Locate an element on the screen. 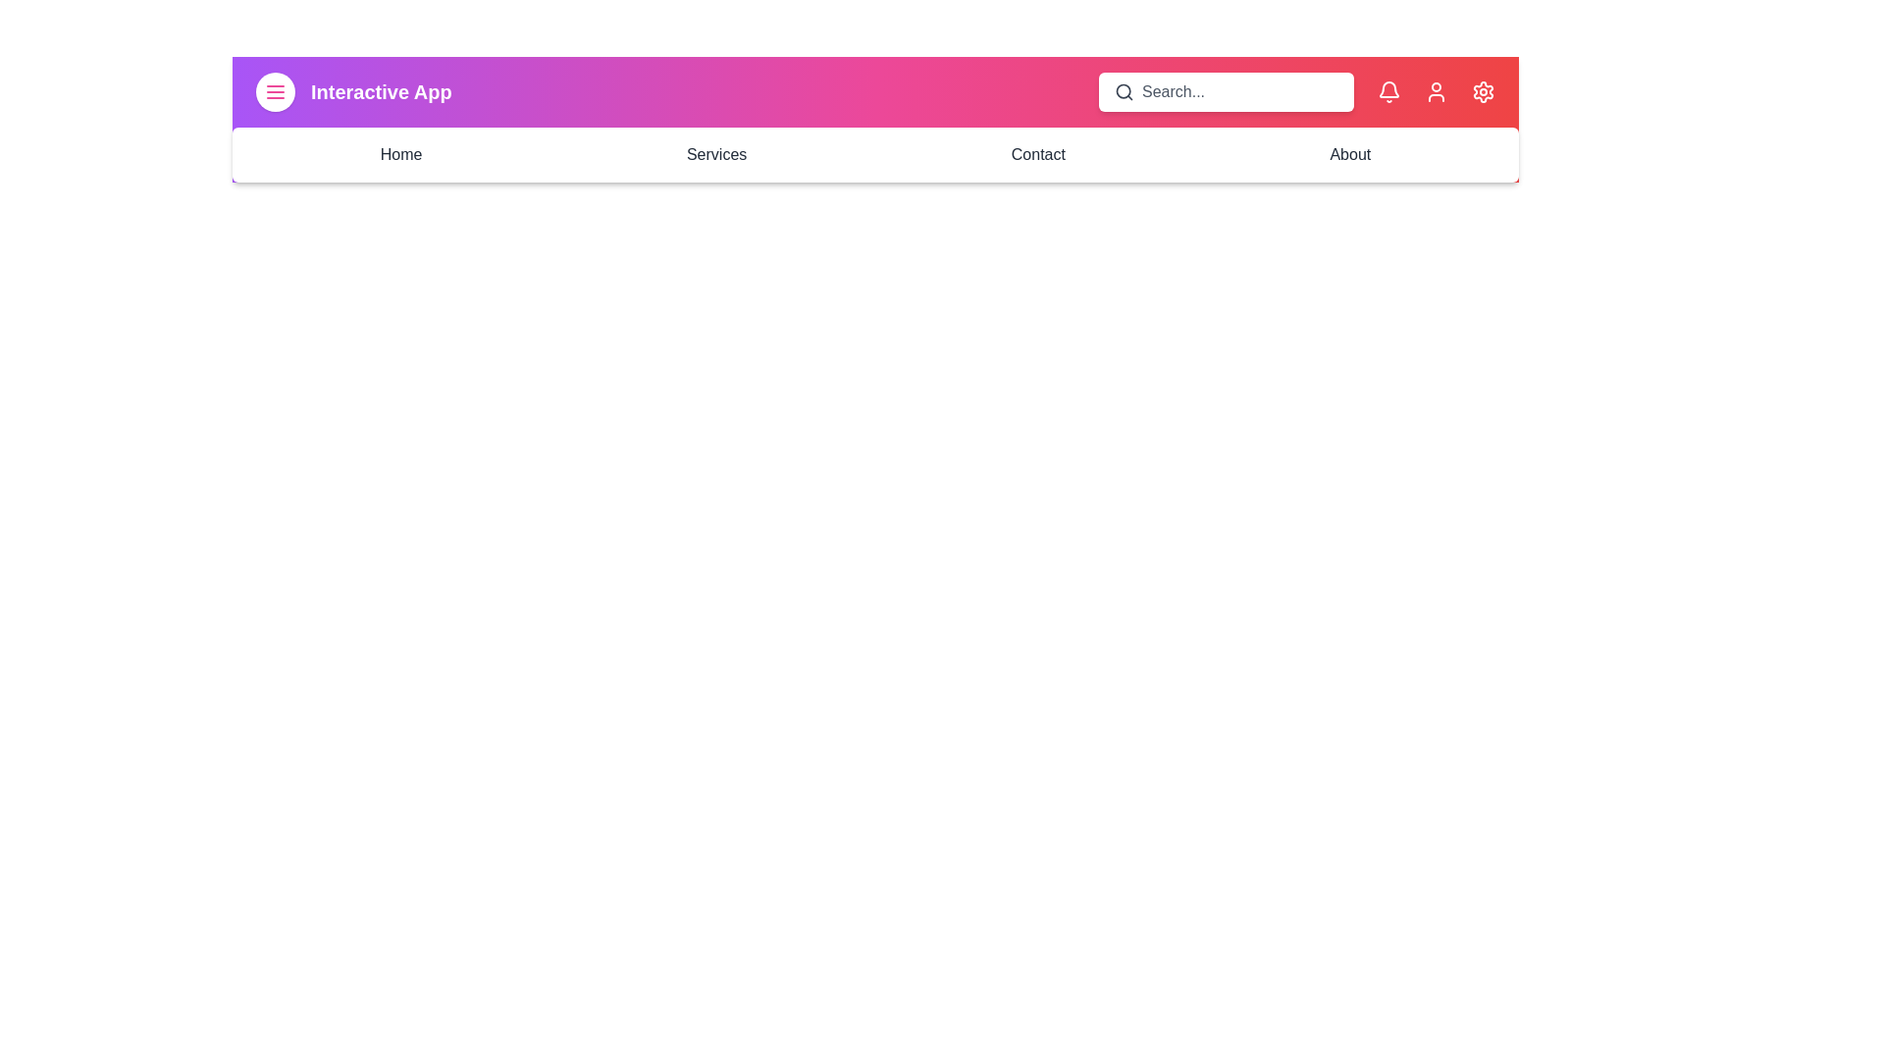 The height and width of the screenshot is (1060, 1884). the notification bell icon is located at coordinates (1388, 91).